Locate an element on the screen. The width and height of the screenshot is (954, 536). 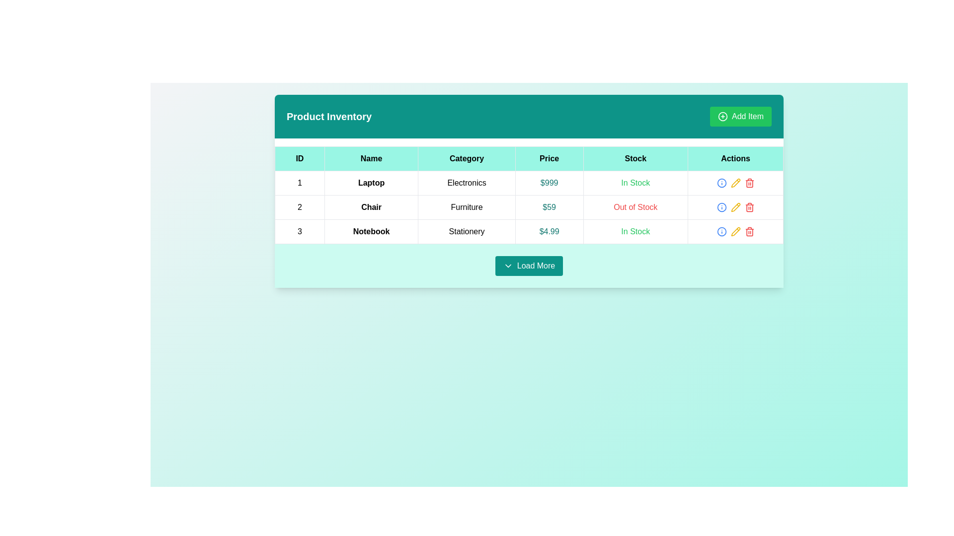
the Text Label displaying the price '$999' in the 'Product Inventory' table, located in the fourth column of the first row is located at coordinates (549, 183).